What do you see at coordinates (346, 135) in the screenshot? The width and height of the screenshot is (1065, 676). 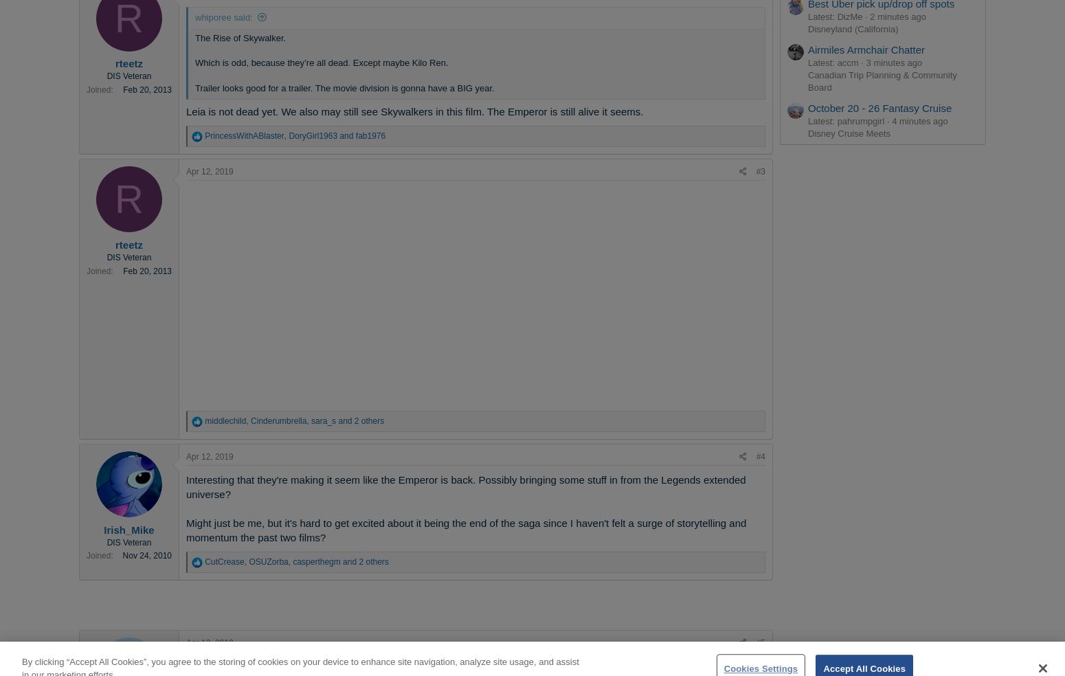 I see `'and'` at bounding box center [346, 135].